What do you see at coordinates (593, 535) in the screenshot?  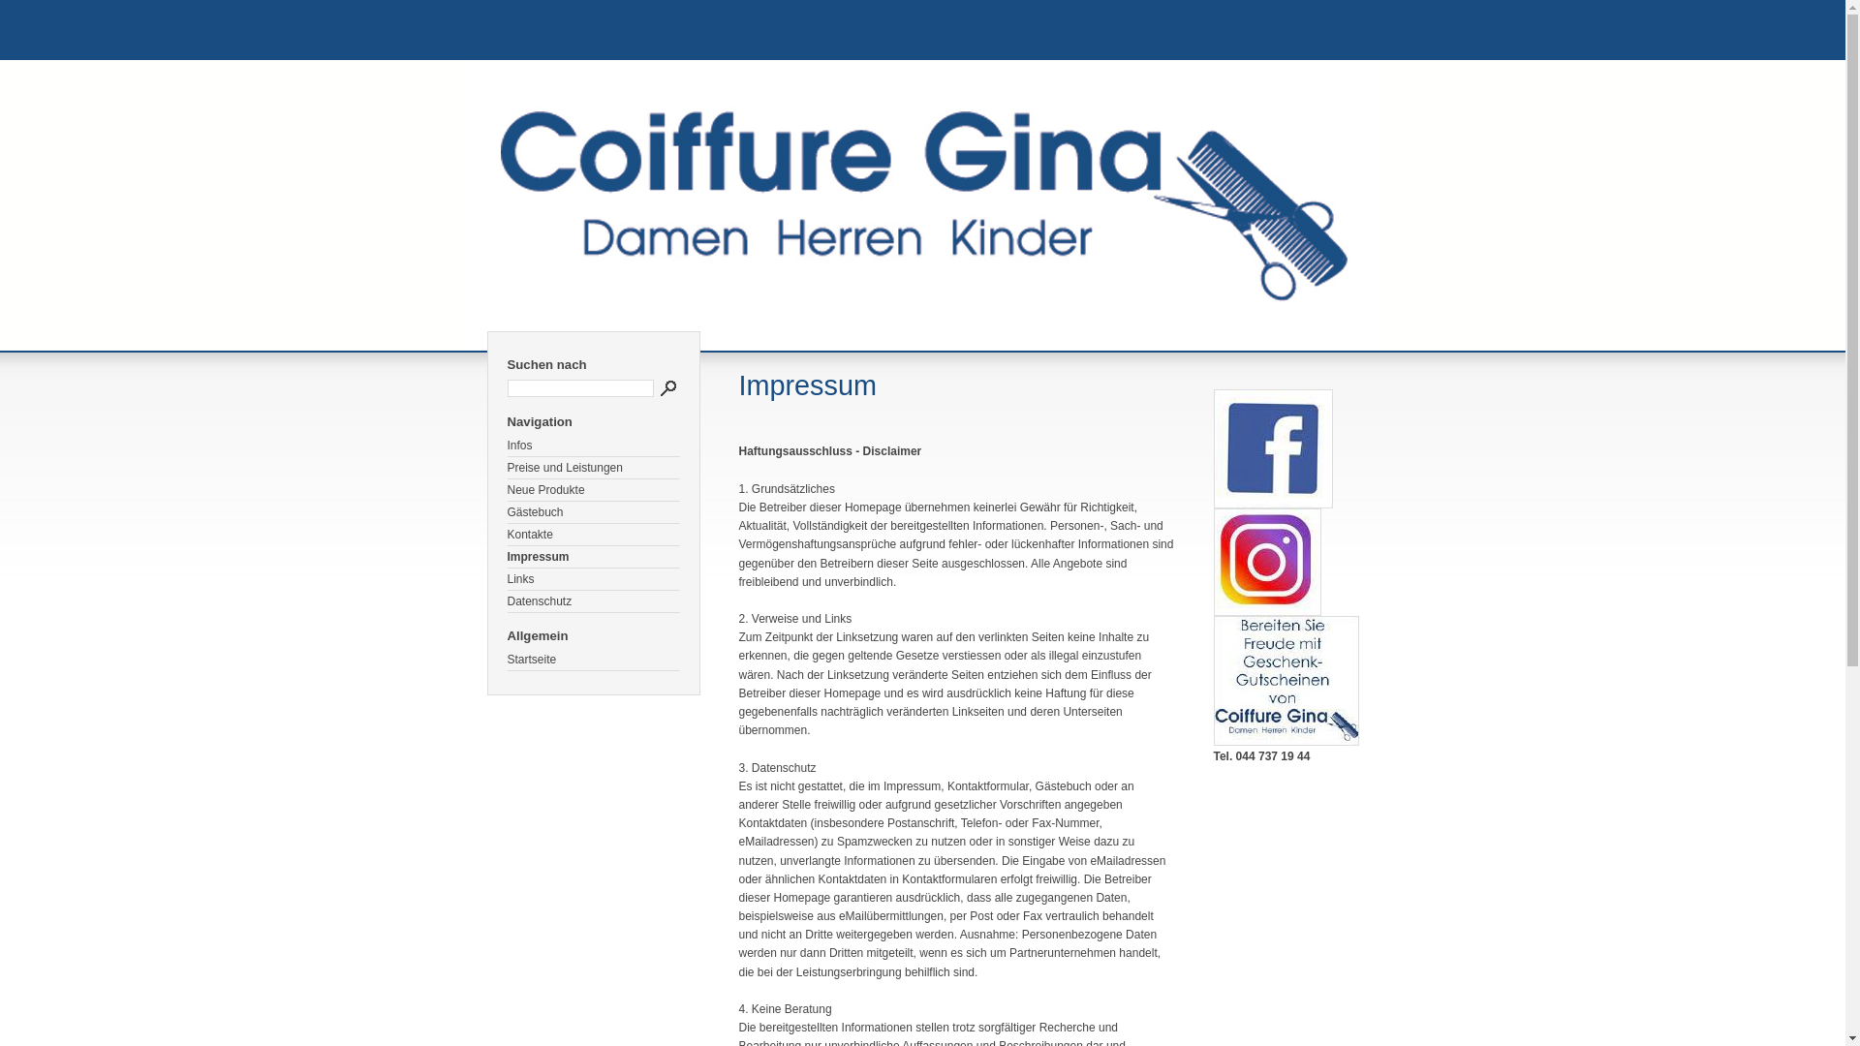 I see `'Kontakte'` at bounding box center [593, 535].